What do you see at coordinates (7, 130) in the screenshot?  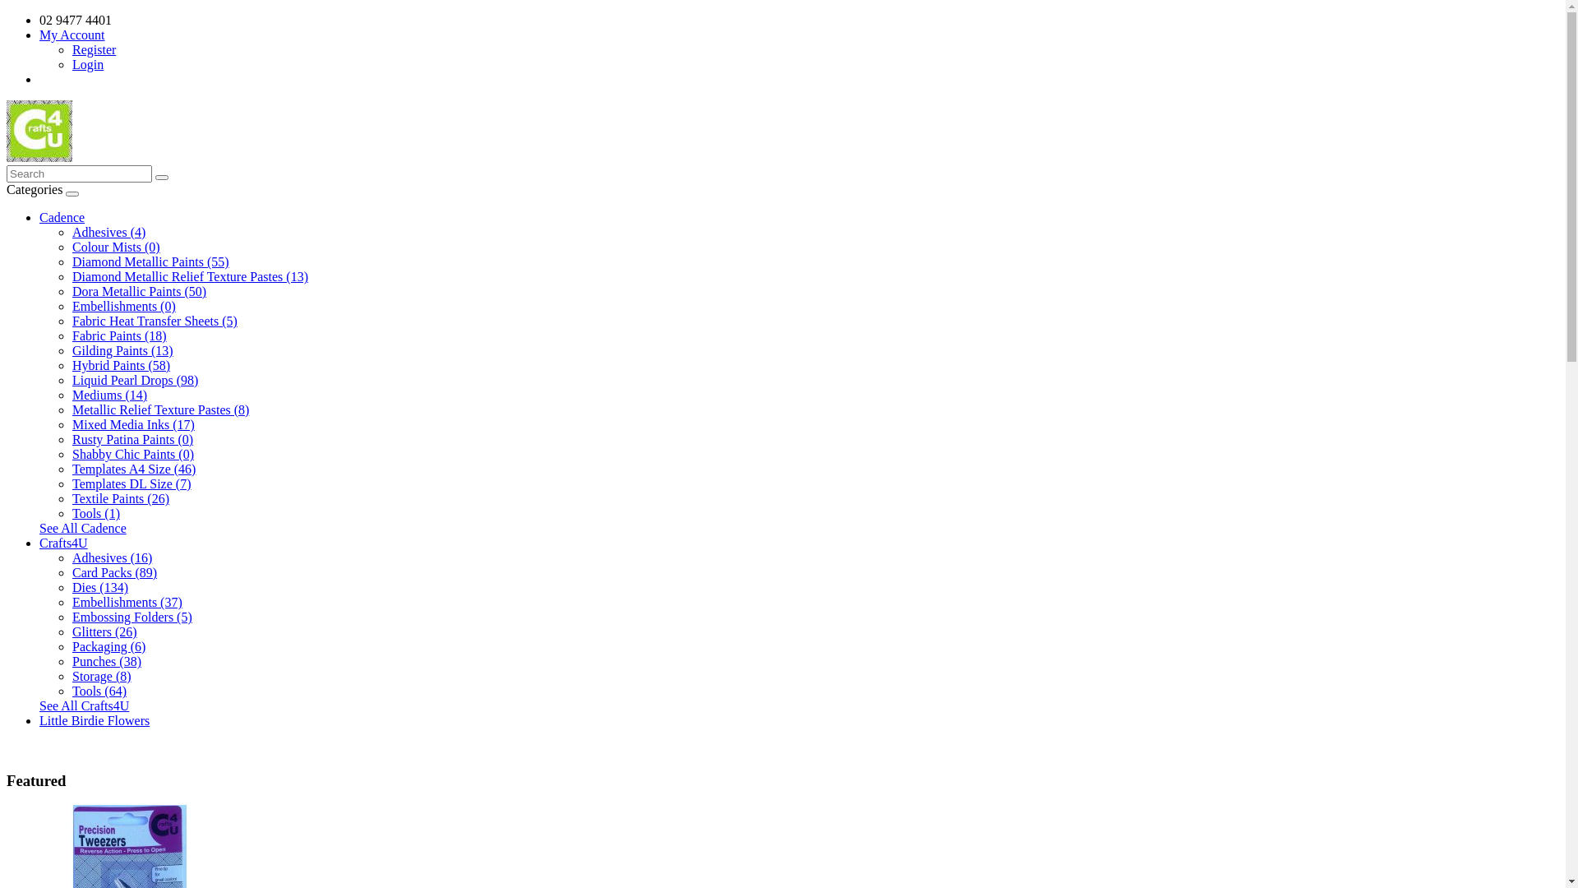 I see `'Crafts4U'` at bounding box center [7, 130].